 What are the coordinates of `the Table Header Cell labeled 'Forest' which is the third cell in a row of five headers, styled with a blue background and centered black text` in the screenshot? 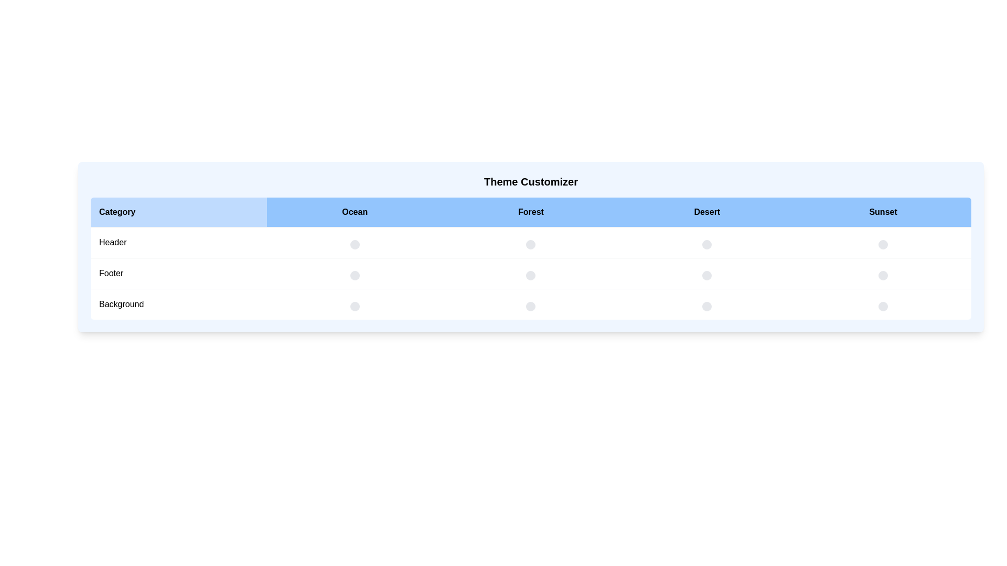 It's located at (531, 212).